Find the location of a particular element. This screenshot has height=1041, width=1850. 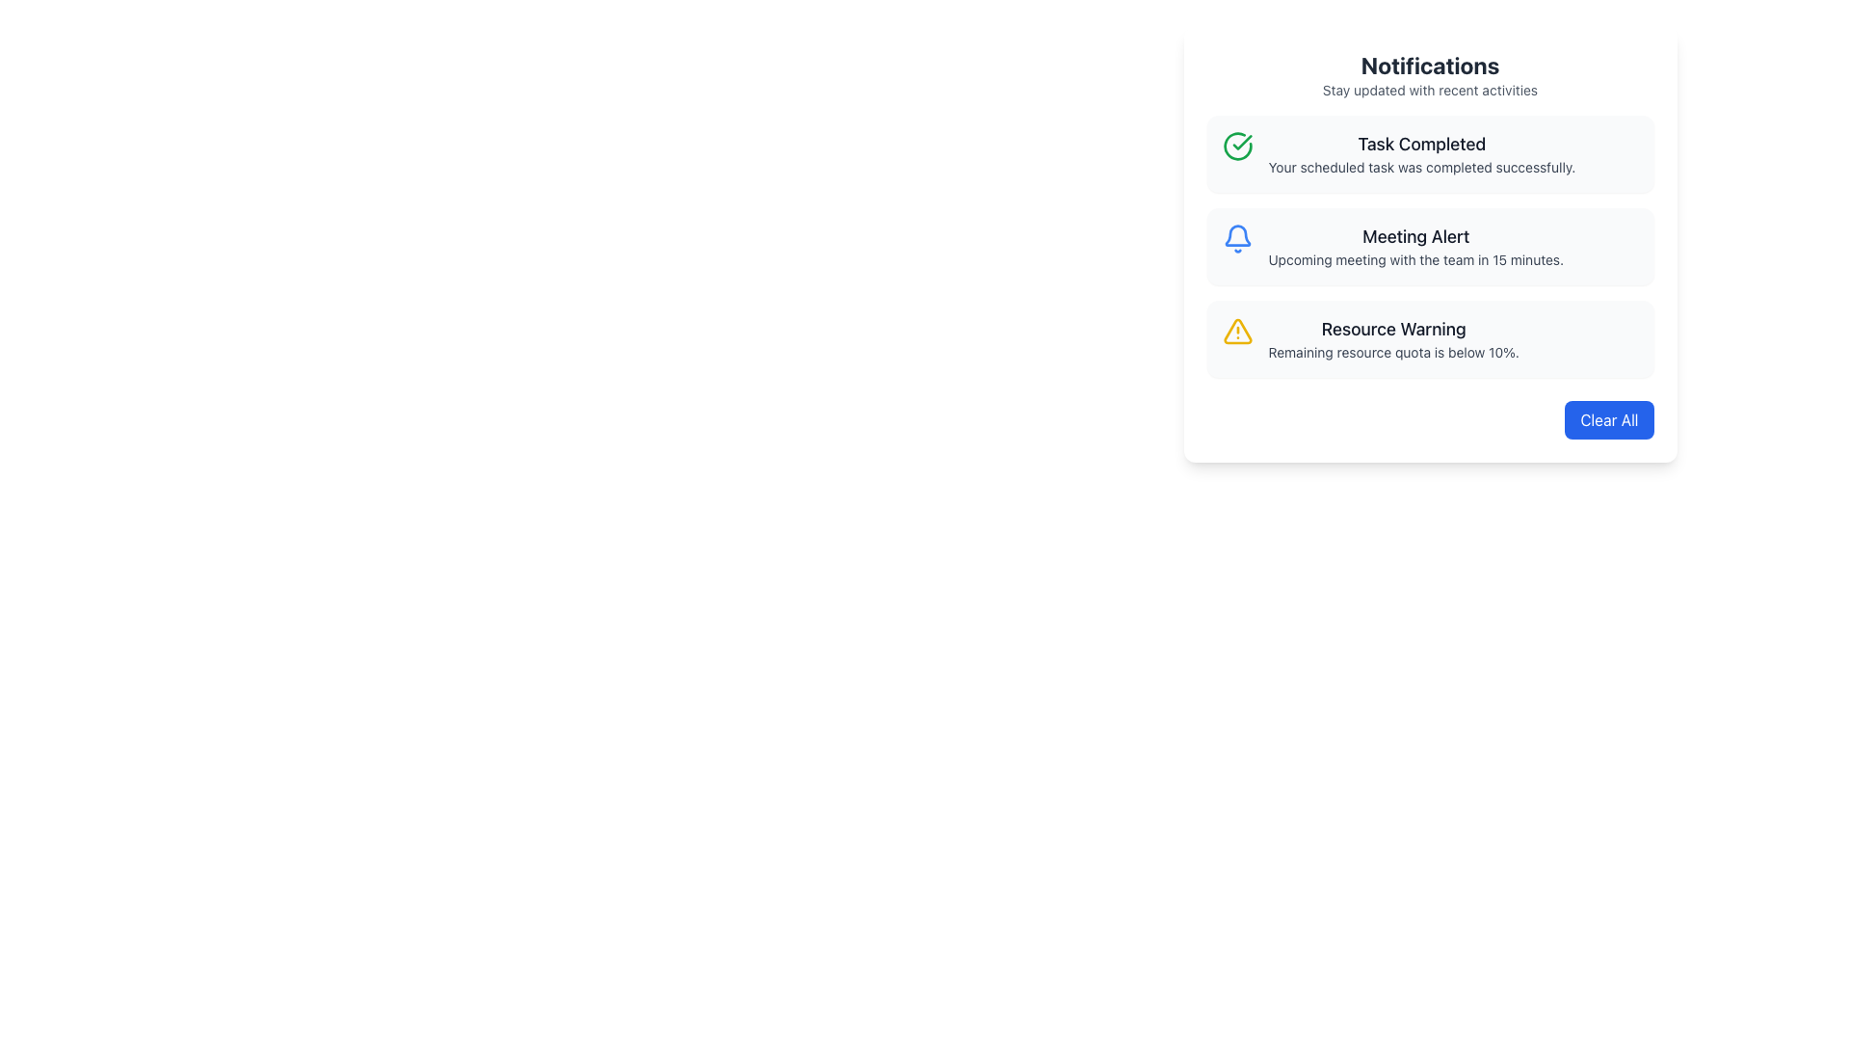

the 'Notifications' text label, which is a bold, large-sized dark gray text located at the top-right of the section is located at coordinates (1430, 65).